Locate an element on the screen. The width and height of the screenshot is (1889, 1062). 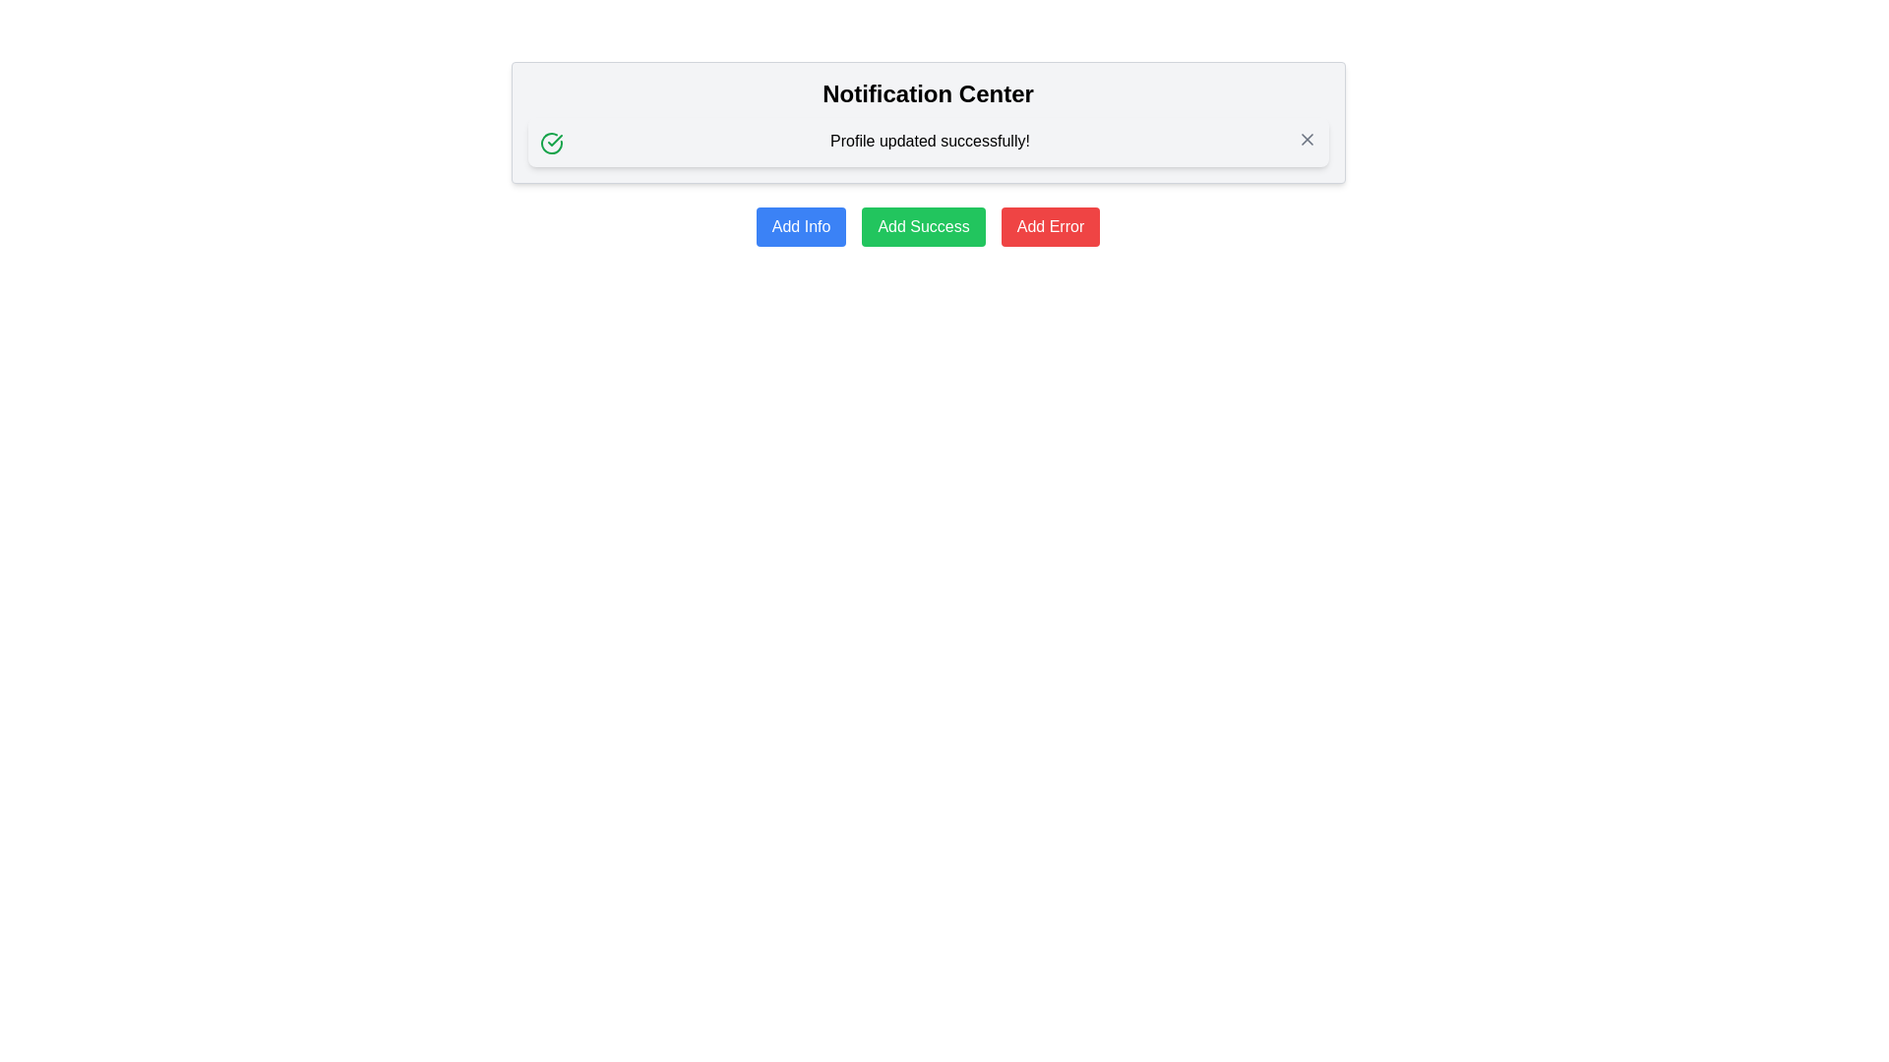
the circular icon with a green border and a green checkmark, which indicates success or confirmation is located at coordinates (551, 143).